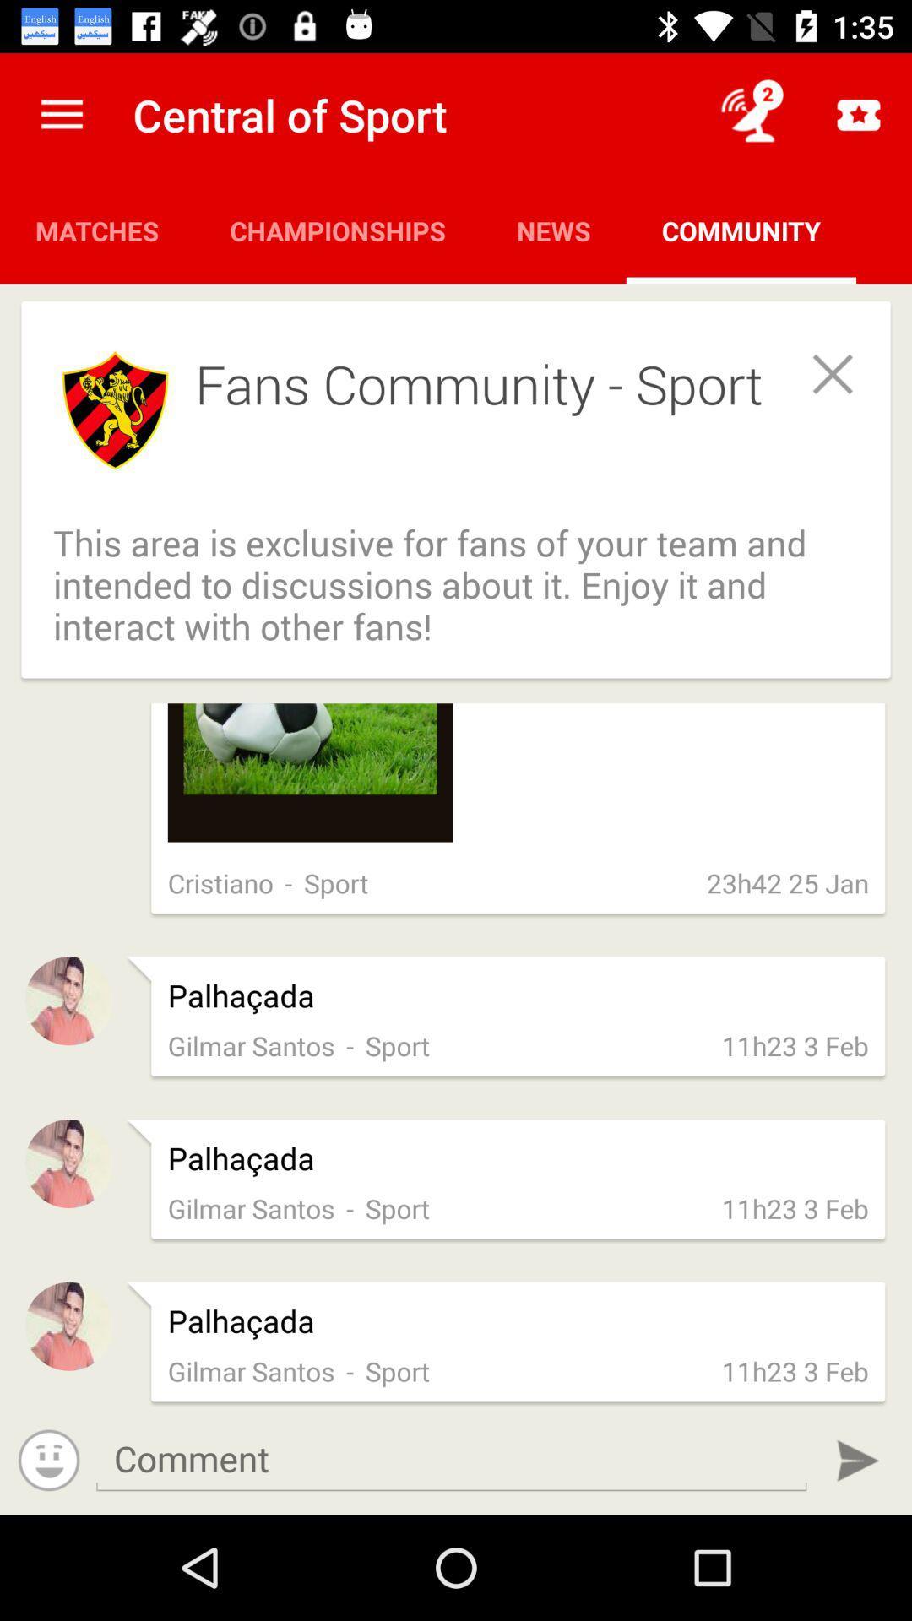  I want to click on the emoji icon, so click(48, 1459).